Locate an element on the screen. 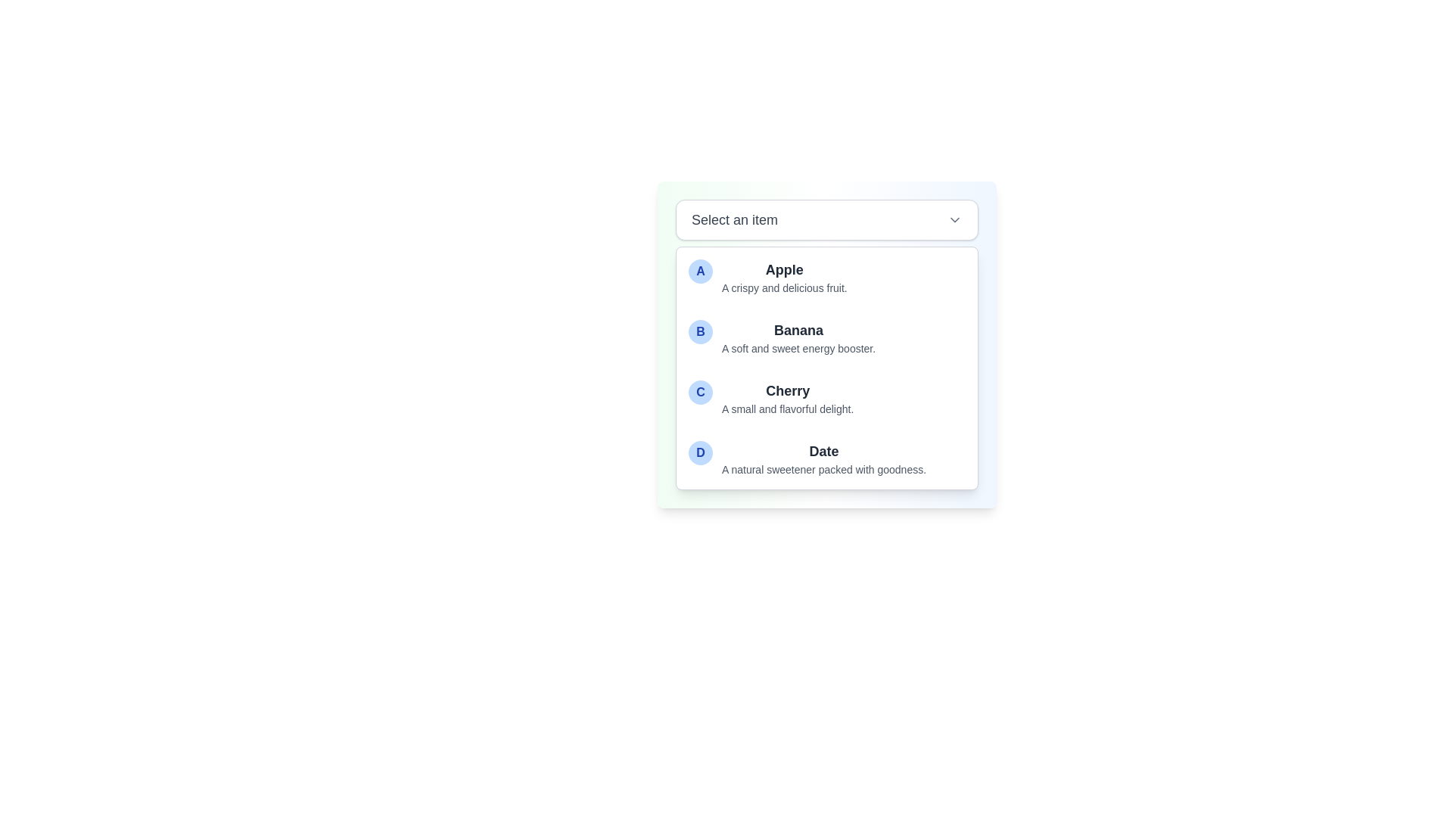 Image resolution: width=1453 pixels, height=817 pixels. the text label reading 'Cherry' in the dropdown menu is located at coordinates (787, 390).